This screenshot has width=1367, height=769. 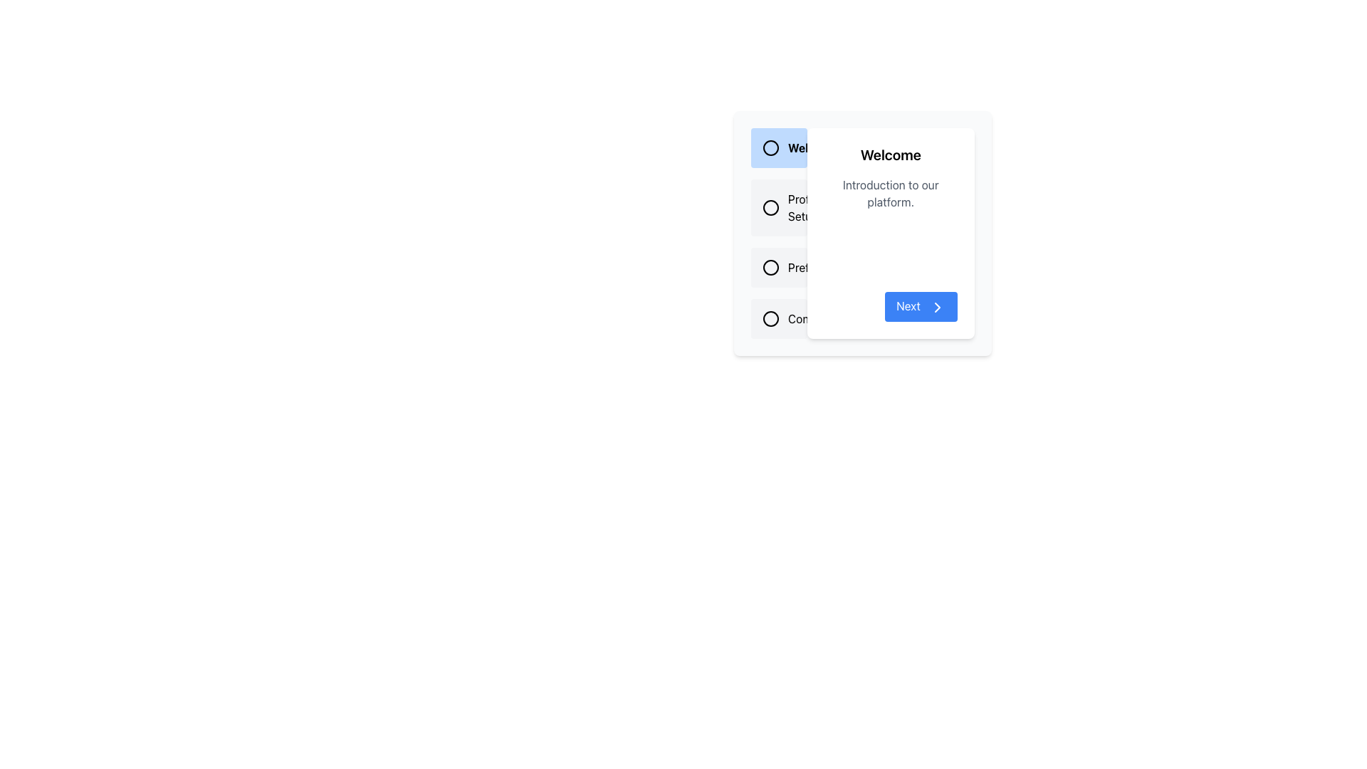 I want to click on the rightward-pointing chevron icon inside the 'Next' button located at the bottom-right corner of the 'Welcome' dialog box, so click(x=937, y=307).